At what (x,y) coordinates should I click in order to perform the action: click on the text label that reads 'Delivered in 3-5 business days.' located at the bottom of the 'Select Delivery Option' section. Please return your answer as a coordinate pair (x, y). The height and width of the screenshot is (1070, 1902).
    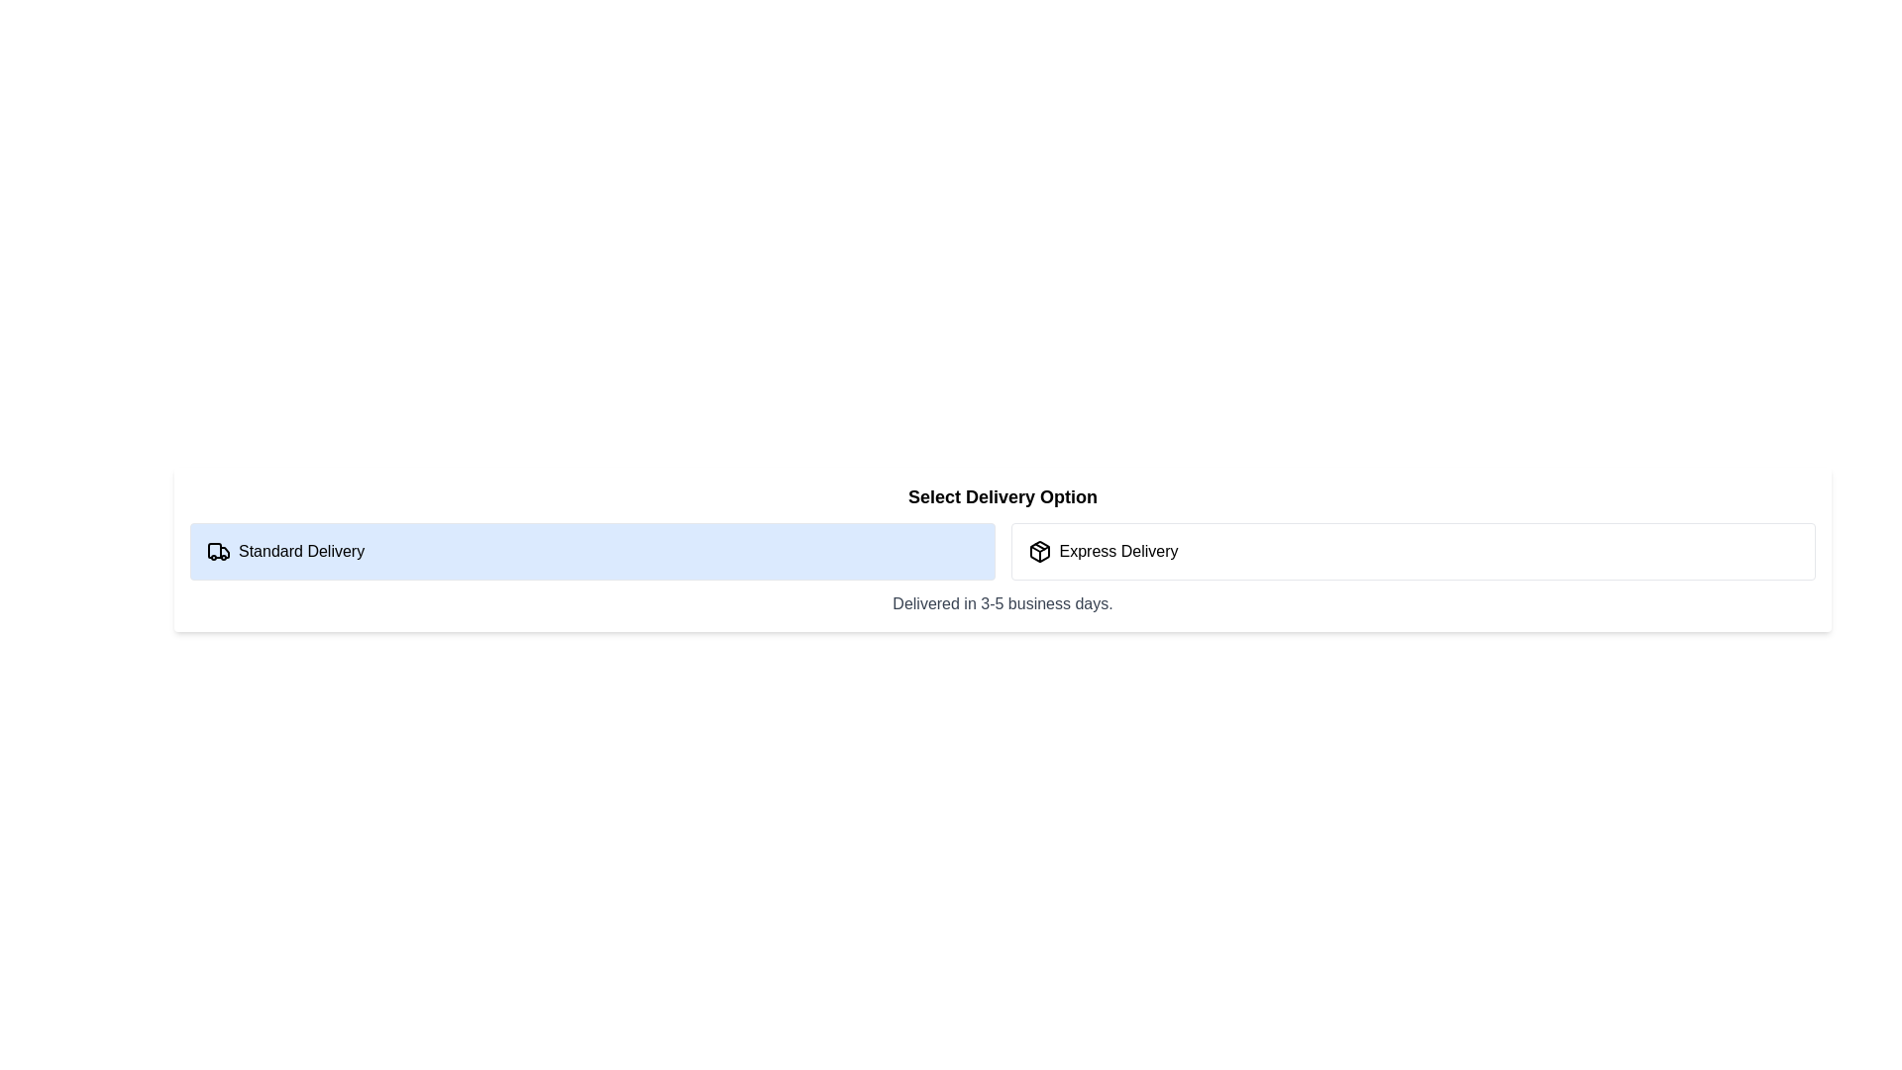
    Looking at the image, I should click on (1003, 602).